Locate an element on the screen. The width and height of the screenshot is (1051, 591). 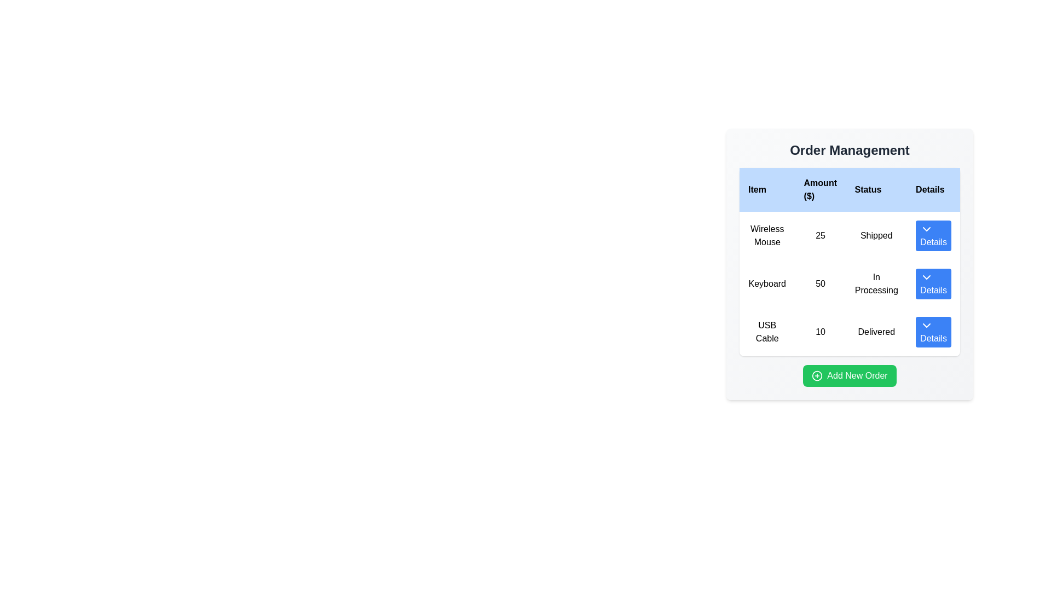
the static text label for 'Wireless Mouse' in the first row of the table under the 'Item' column is located at coordinates (766, 235).